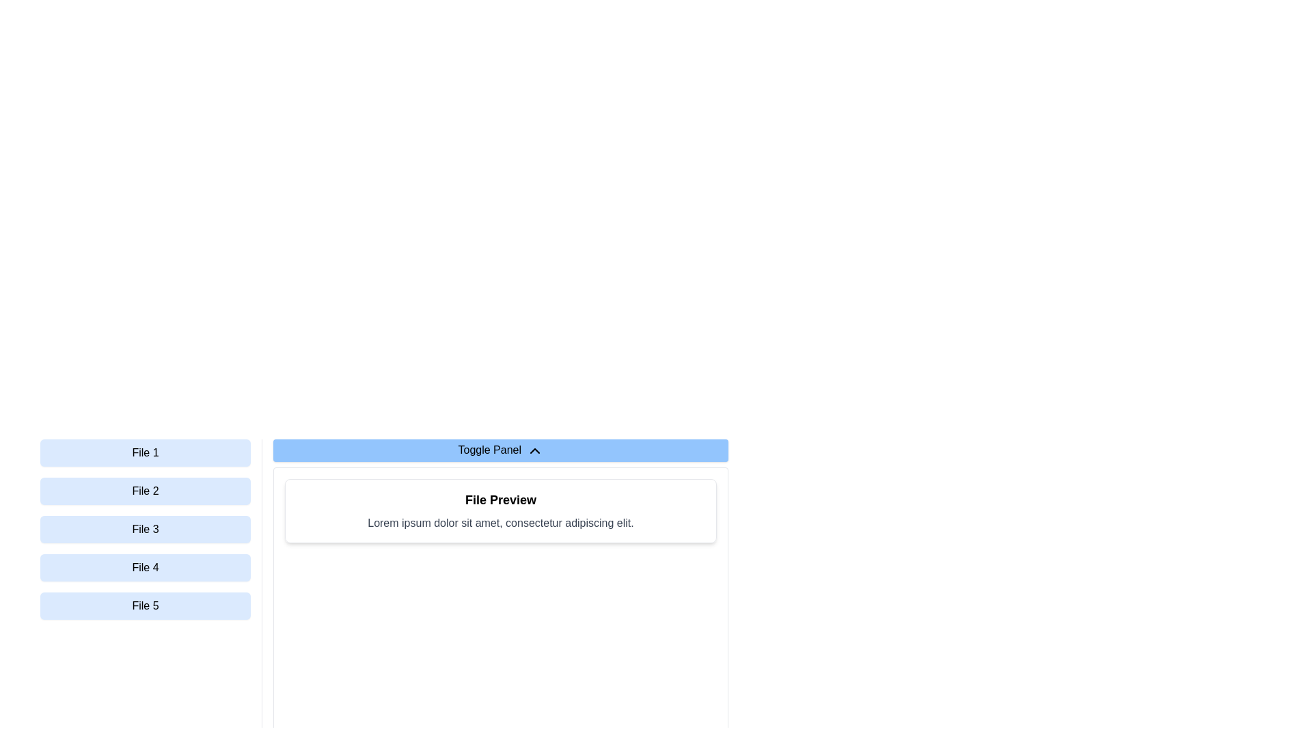 The height and width of the screenshot is (738, 1312). What do you see at coordinates (145, 490) in the screenshot?
I see `the second button labeled 'File 2' in the vertical list of blue buttons` at bounding box center [145, 490].